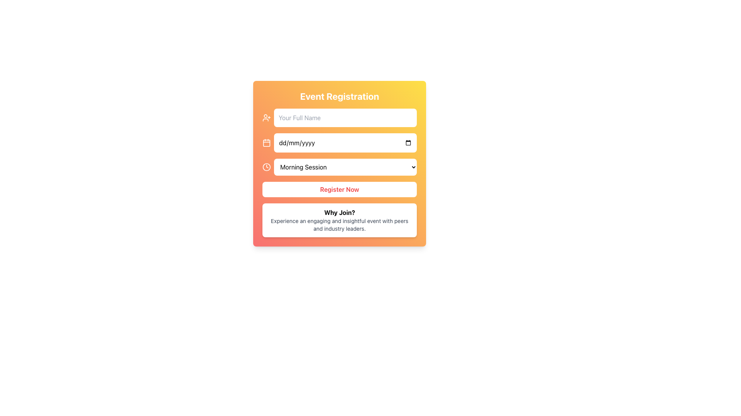 The height and width of the screenshot is (416, 741). I want to click on the solid orange square with slightly rounded corners inside the calendar icon, which is the second icon from the top in the column of icons on the left side of the form, so click(267, 143).